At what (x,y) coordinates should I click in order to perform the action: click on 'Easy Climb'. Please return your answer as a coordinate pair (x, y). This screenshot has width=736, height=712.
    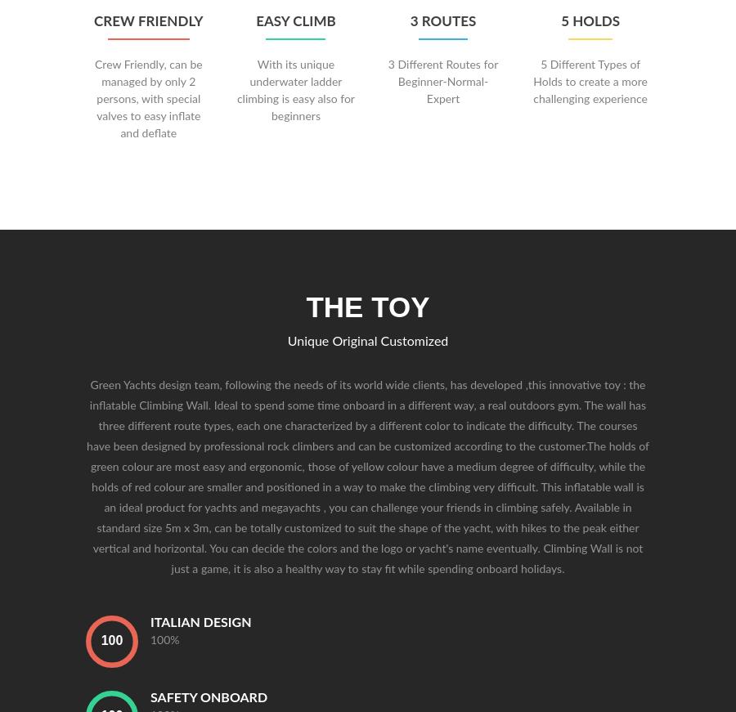
    Looking at the image, I should click on (295, 20).